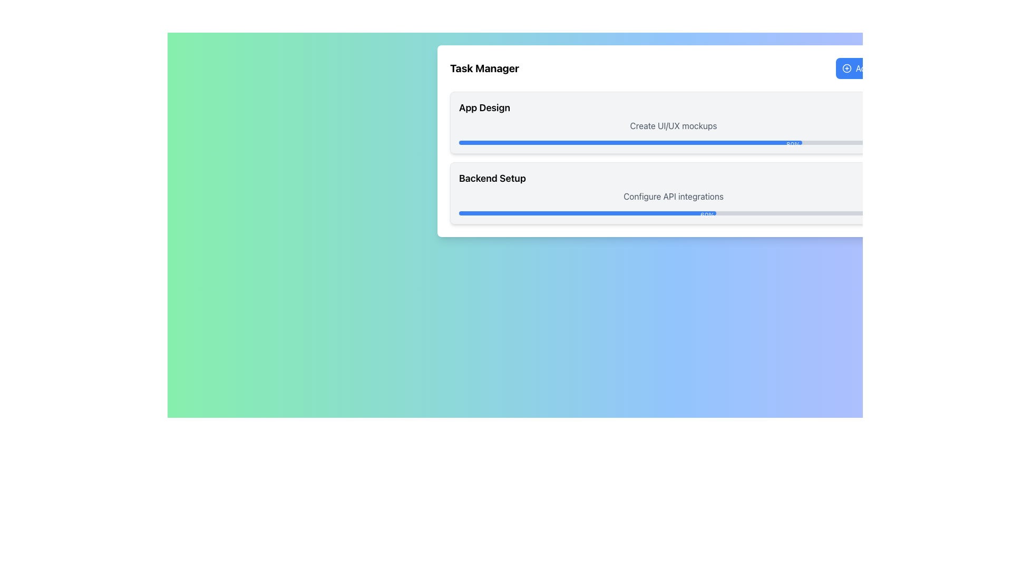 The height and width of the screenshot is (569, 1012). I want to click on the text field labeled 'Create UI/UX mockups' which is styled with a gray font color and located within the 'App Design' card section, so click(673, 125).